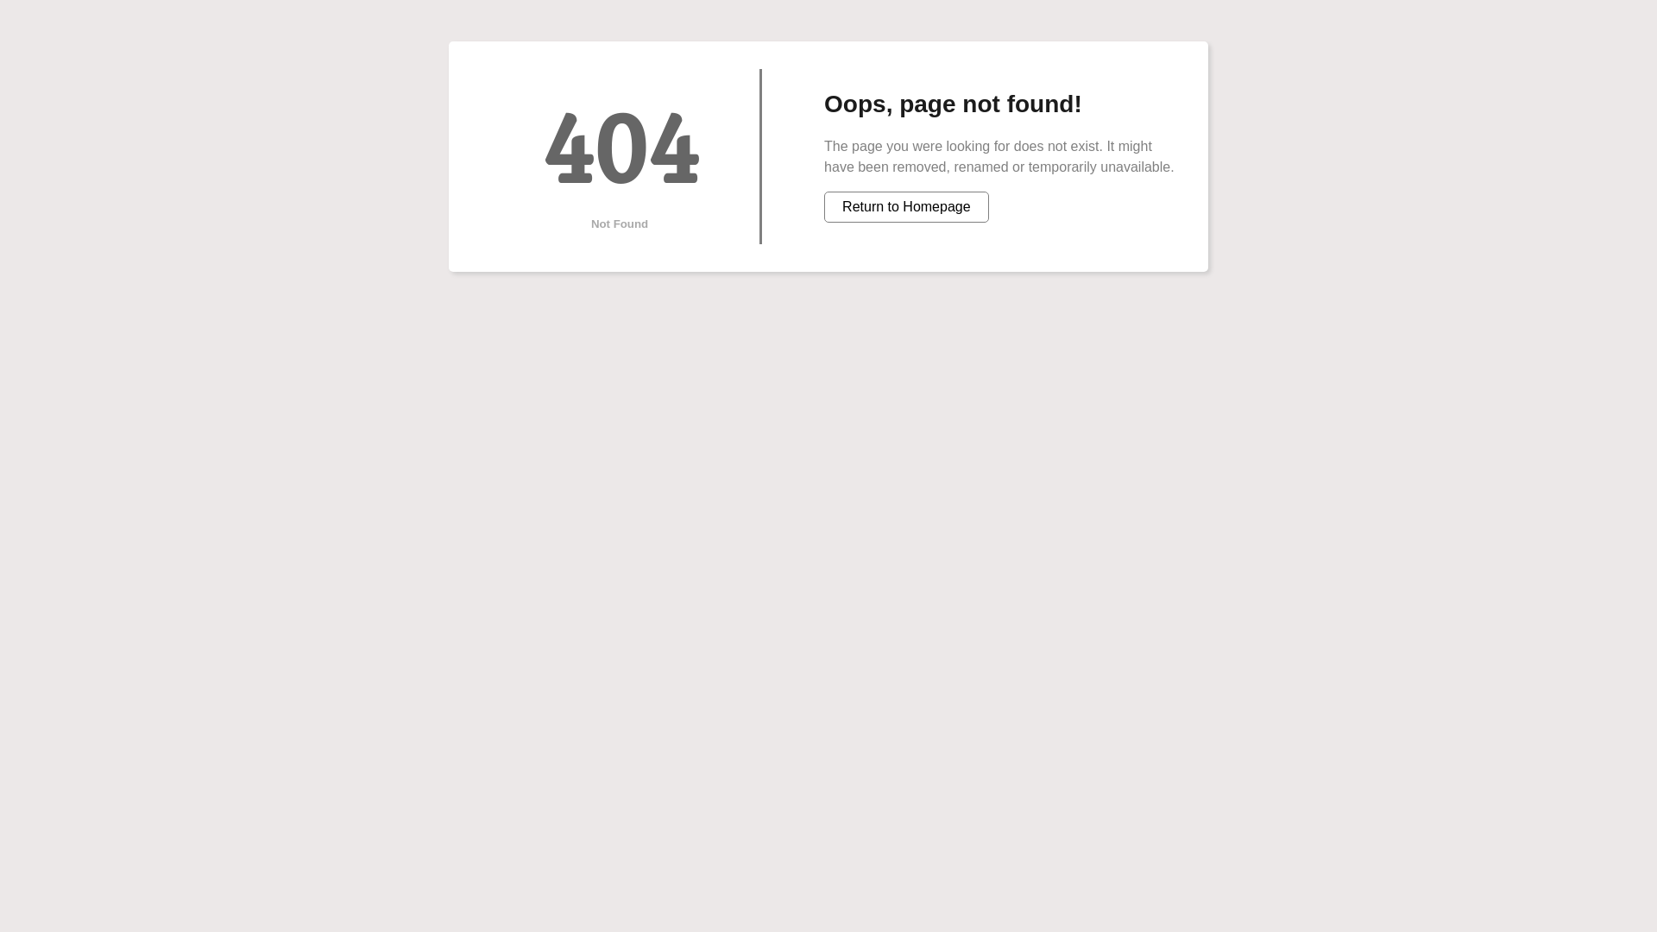 This screenshot has height=932, width=1657. I want to click on 'Return to Homepage', so click(905, 205).